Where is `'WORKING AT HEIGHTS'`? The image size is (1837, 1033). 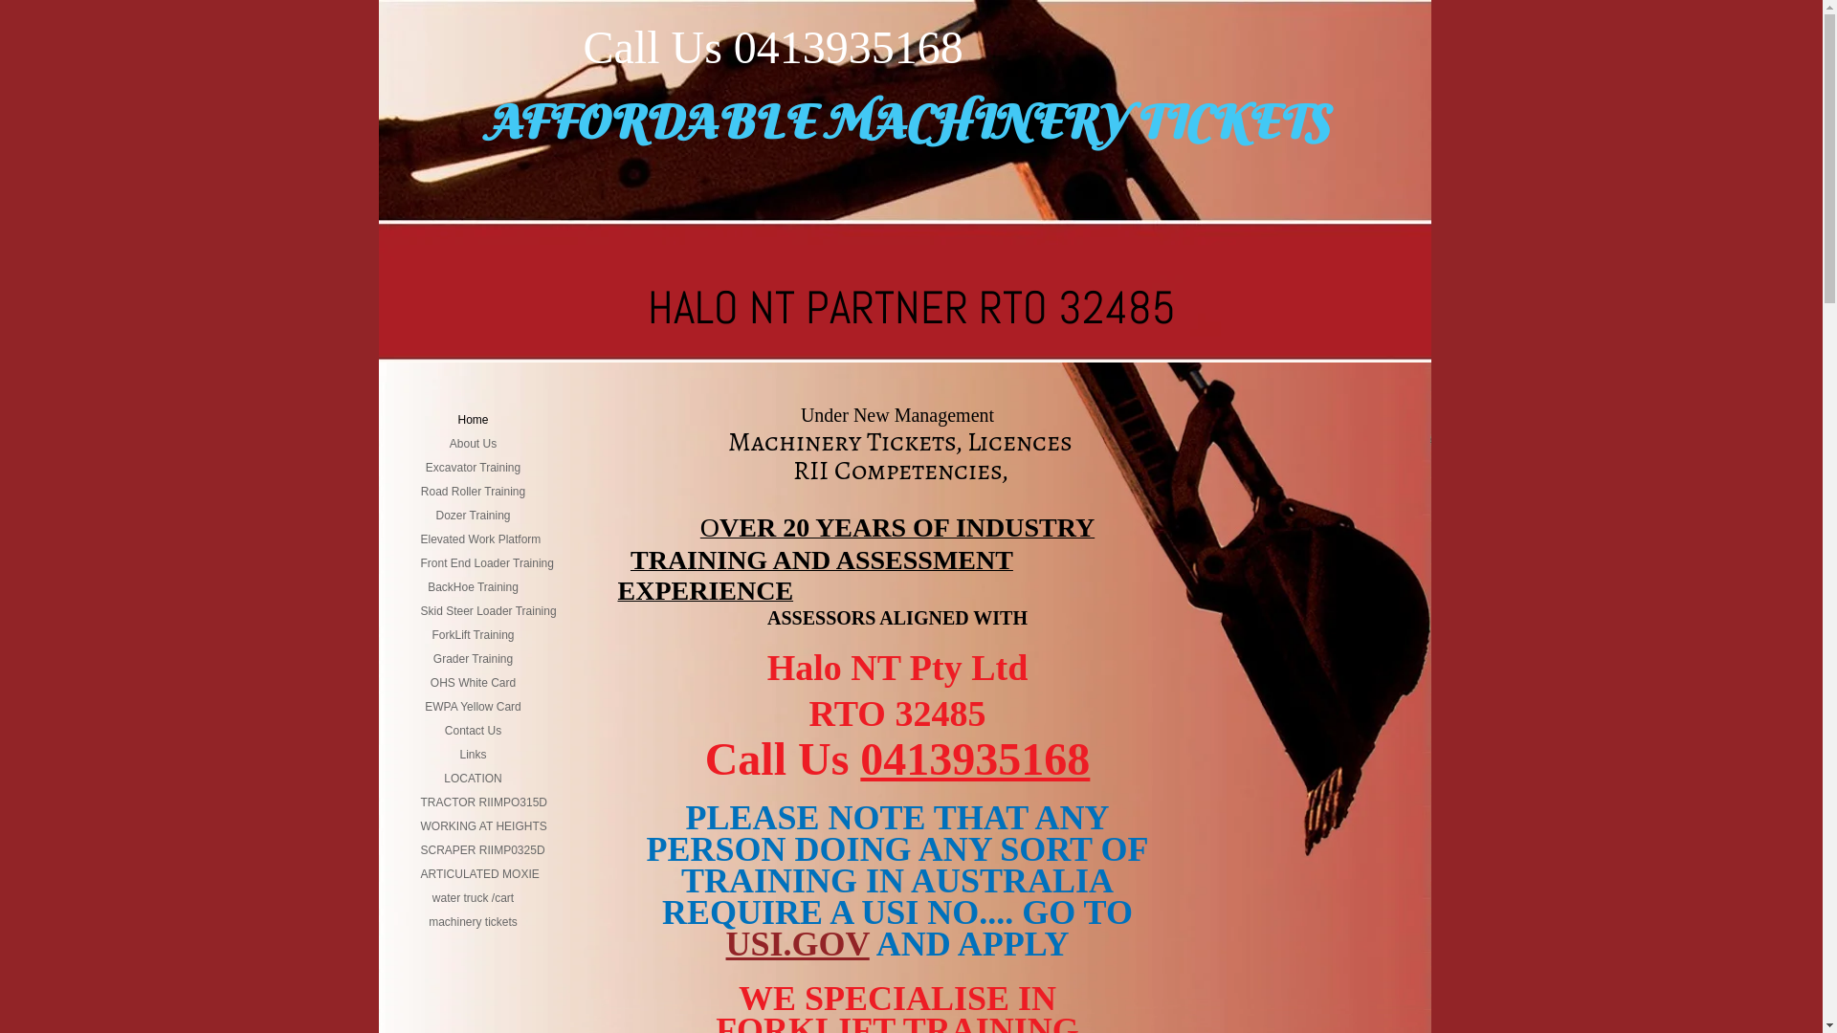
'WORKING AT HEIGHTS' is located at coordinates (483, 825).